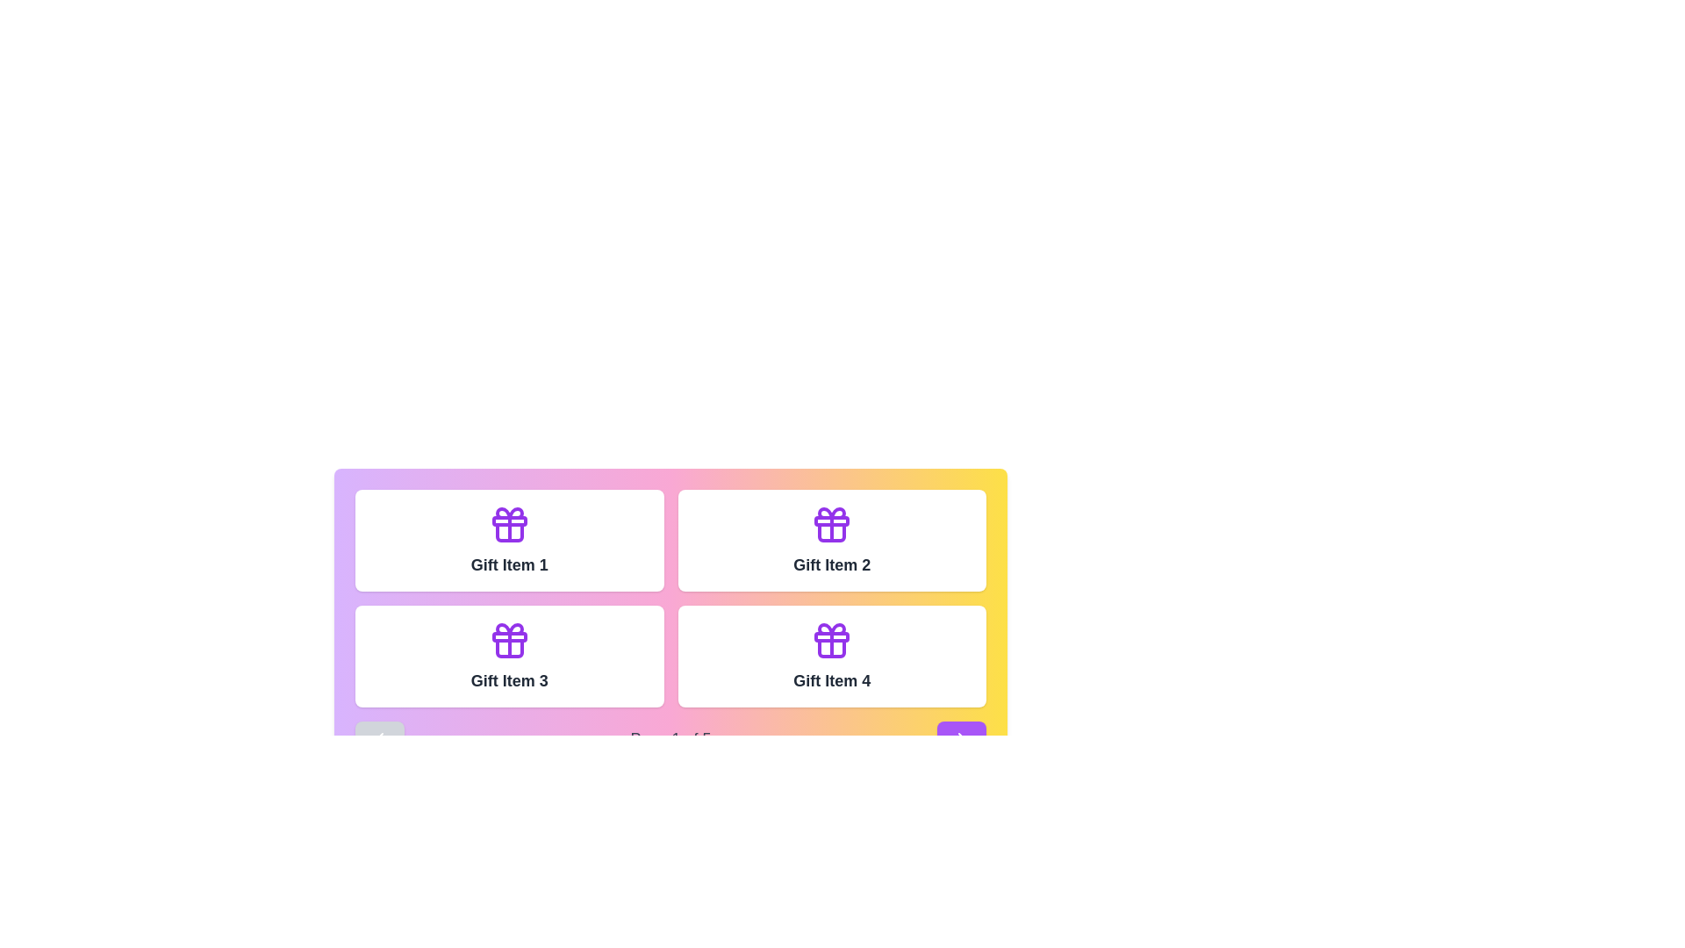  Describe the element at coordinates (508, 523) in the screenshot. I see `the decorative gift icon located at the top row and first column of a 2x2 grid layout, part of the card labeled 'Gift Item 1'` at that location.